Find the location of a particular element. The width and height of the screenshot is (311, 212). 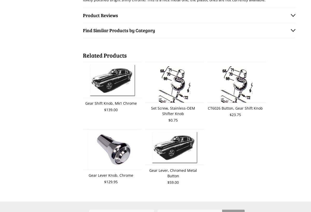

'$23.75' is located at coordinates (235, 114).